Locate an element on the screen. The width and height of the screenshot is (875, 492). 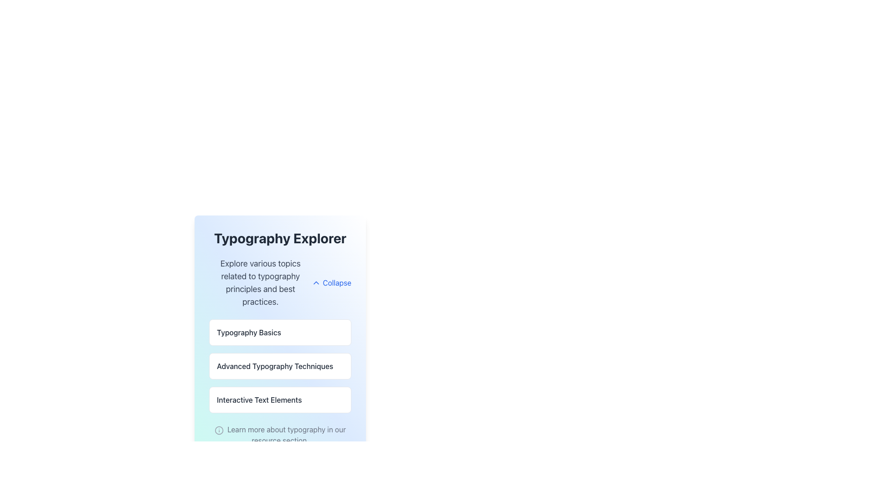
the typography menu list element containing 'Typography Basics', 'Advanced Typography Techniques', and 'Interactive Text Elements' is located at coordinates (279, 365).